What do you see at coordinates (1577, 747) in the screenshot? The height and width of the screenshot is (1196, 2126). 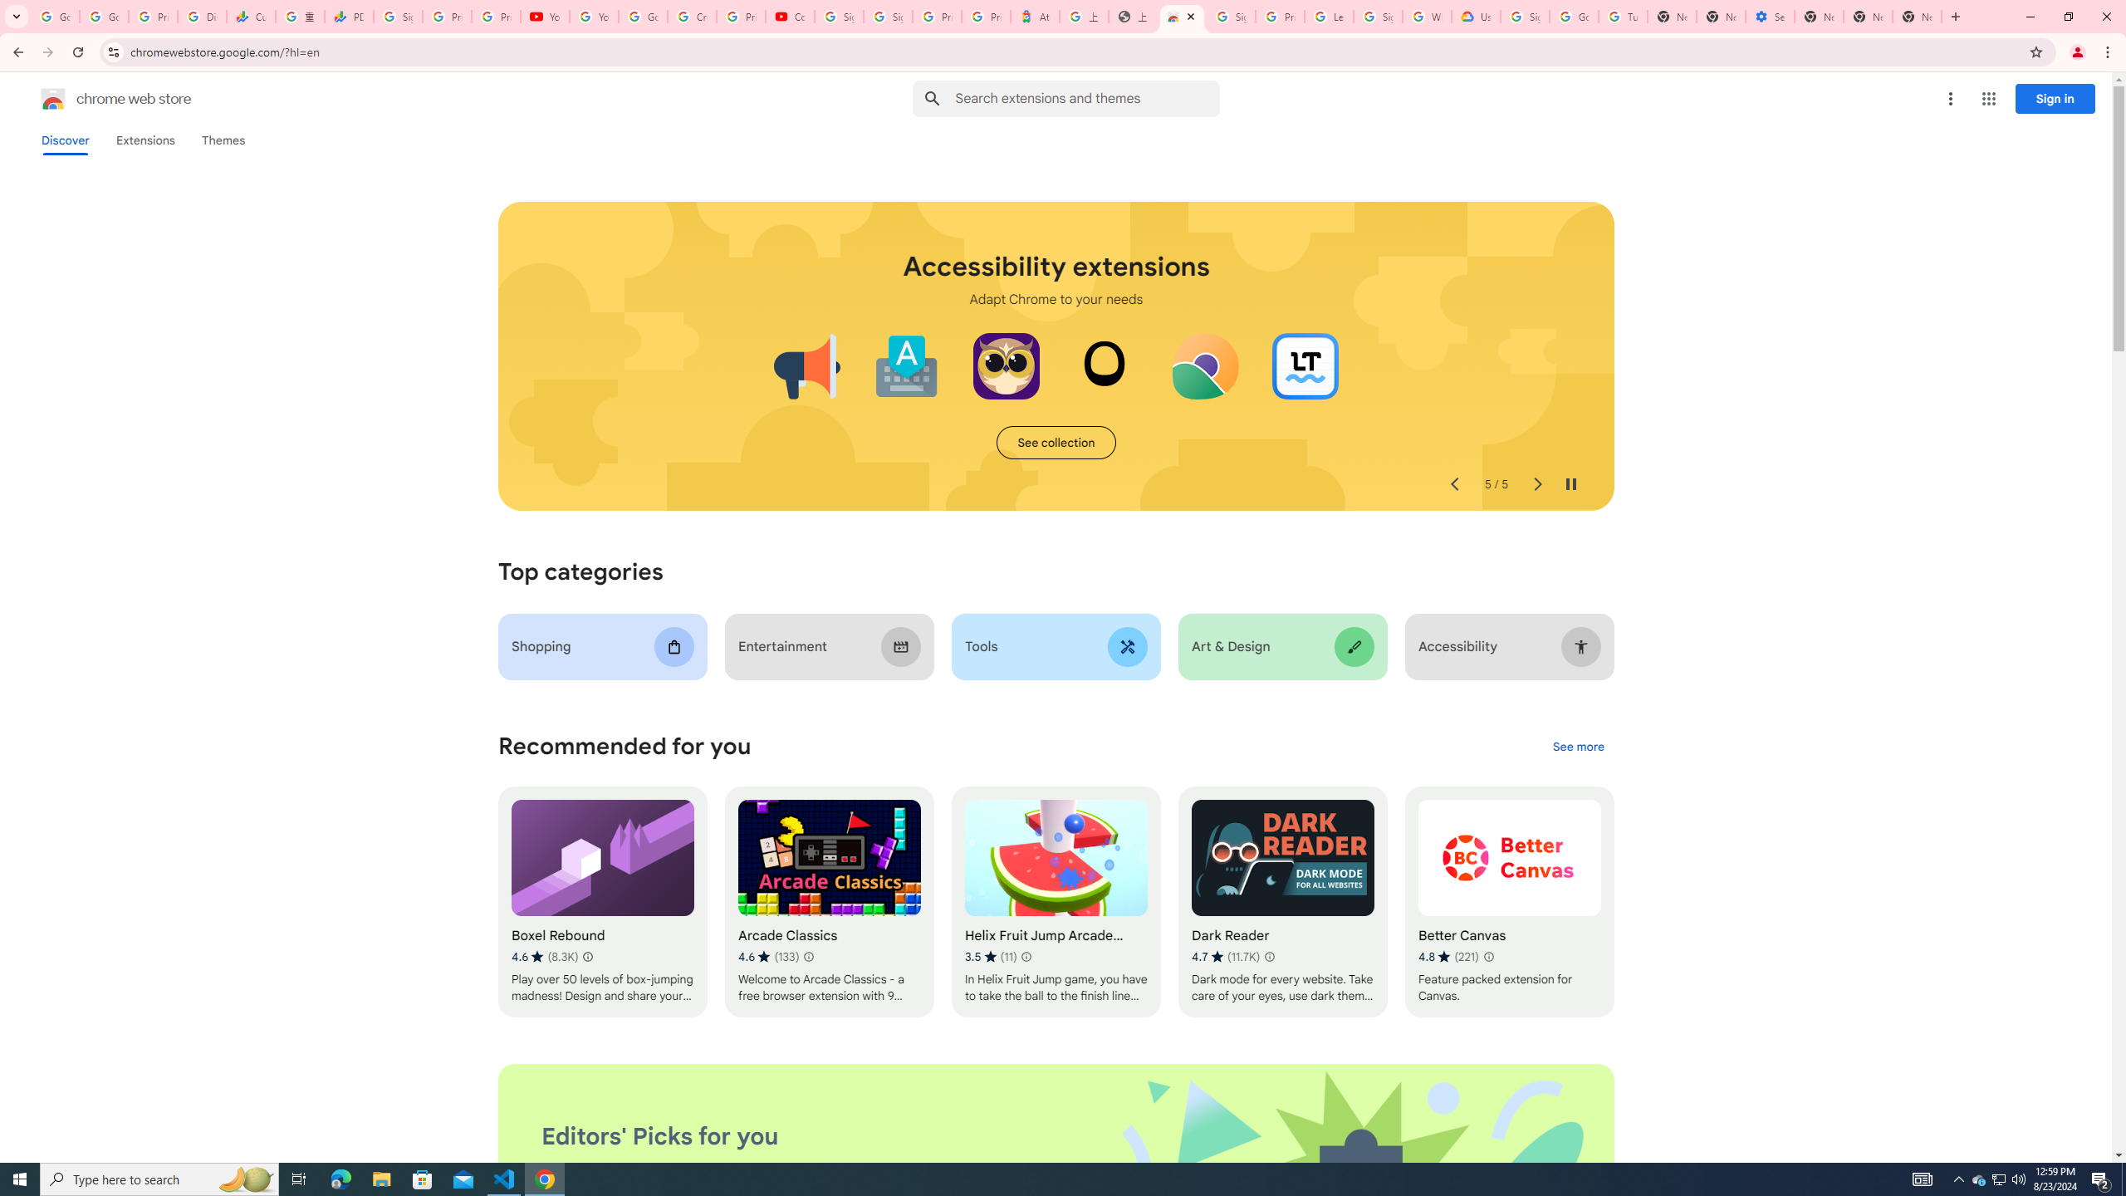 I see `'See more personalized recommendations'` at bounding box center [1577, 747].